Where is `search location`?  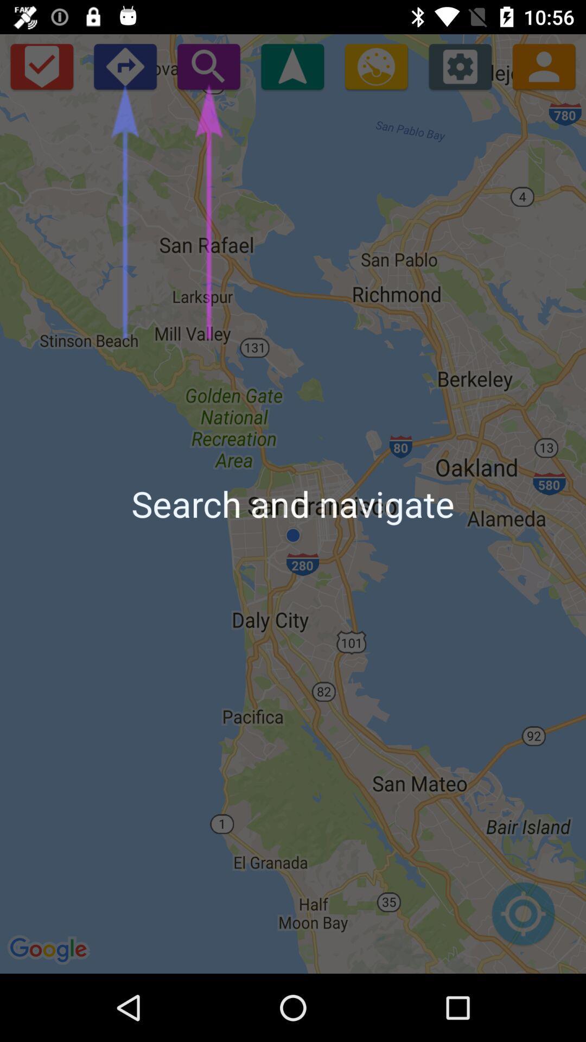
search location is located at coordinates (523, 919).